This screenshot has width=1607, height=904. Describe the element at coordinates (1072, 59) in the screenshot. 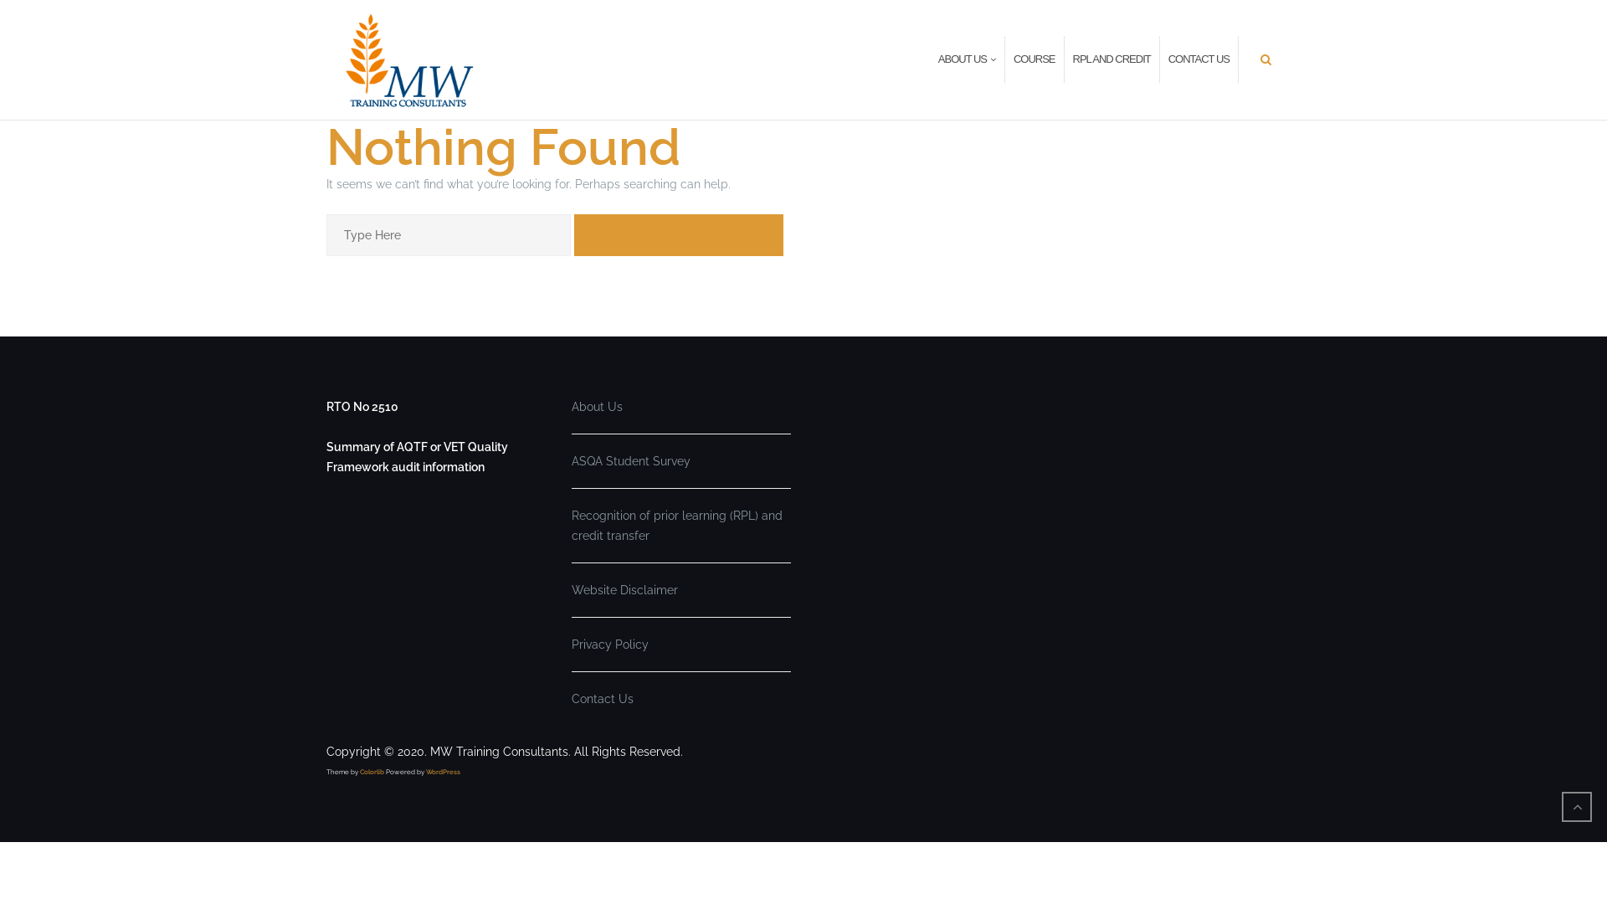

I see `'RPL AND CREDIT'` at that location.